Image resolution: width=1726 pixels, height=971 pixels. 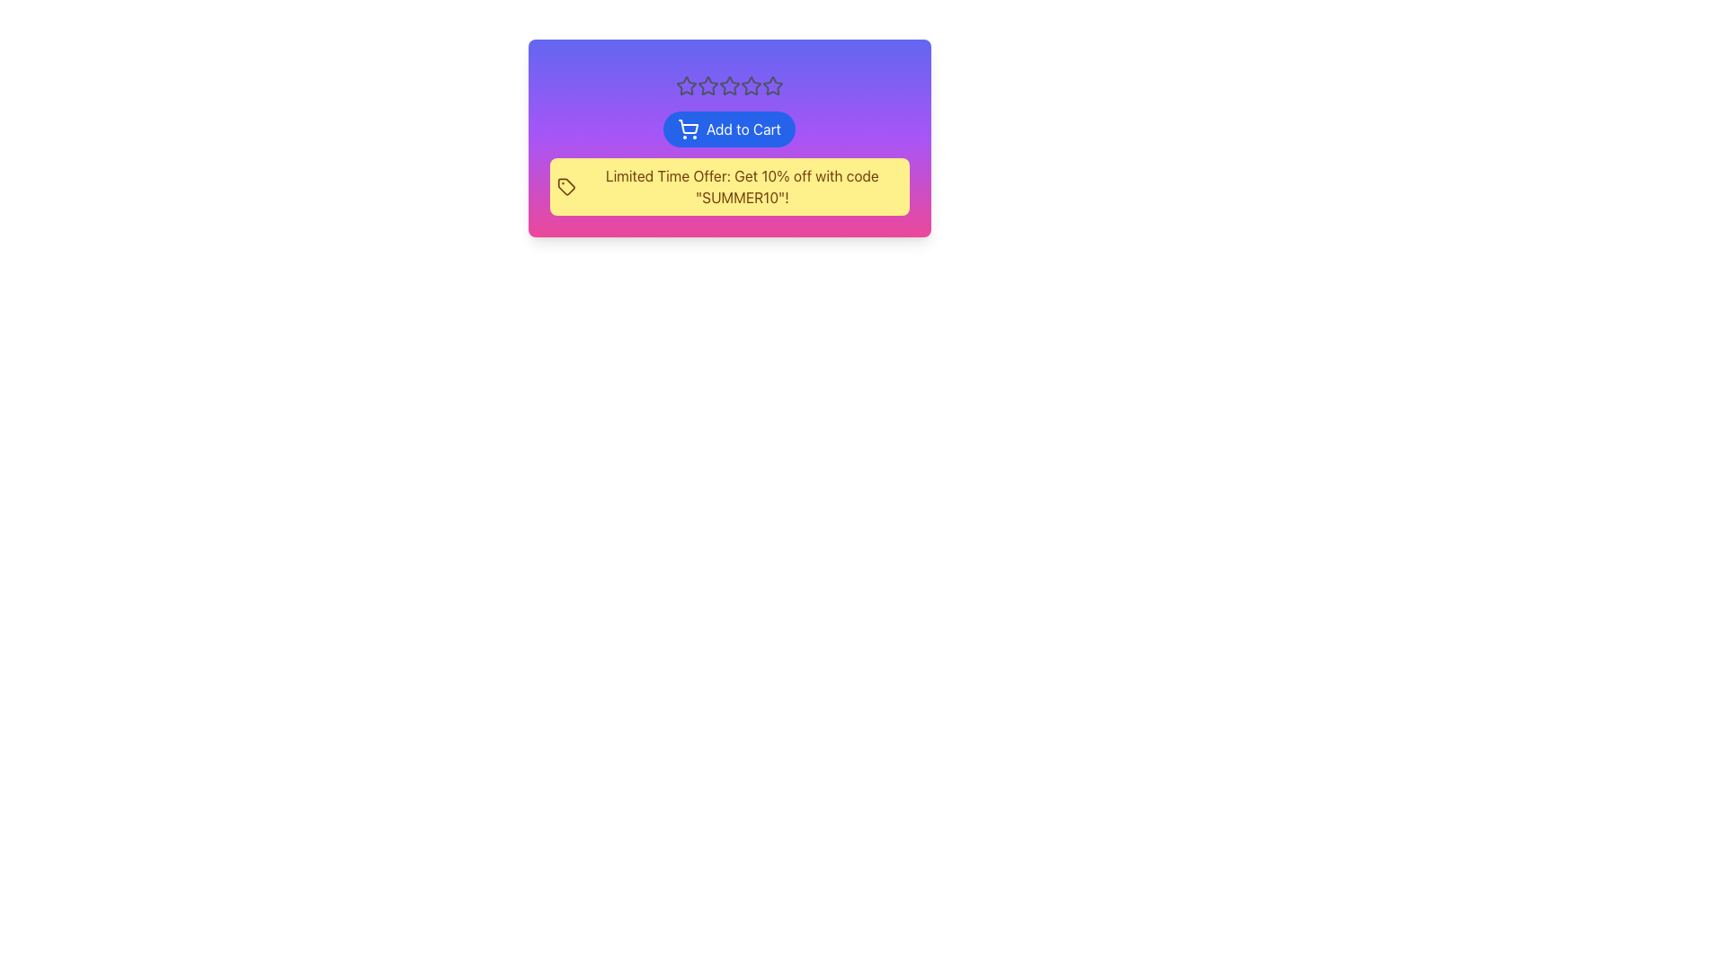 What do you see at coordinates (751, 85) in the screenshot?
I see `the third star in the horizontal row of five star icons` at bounding box center [751, 85].